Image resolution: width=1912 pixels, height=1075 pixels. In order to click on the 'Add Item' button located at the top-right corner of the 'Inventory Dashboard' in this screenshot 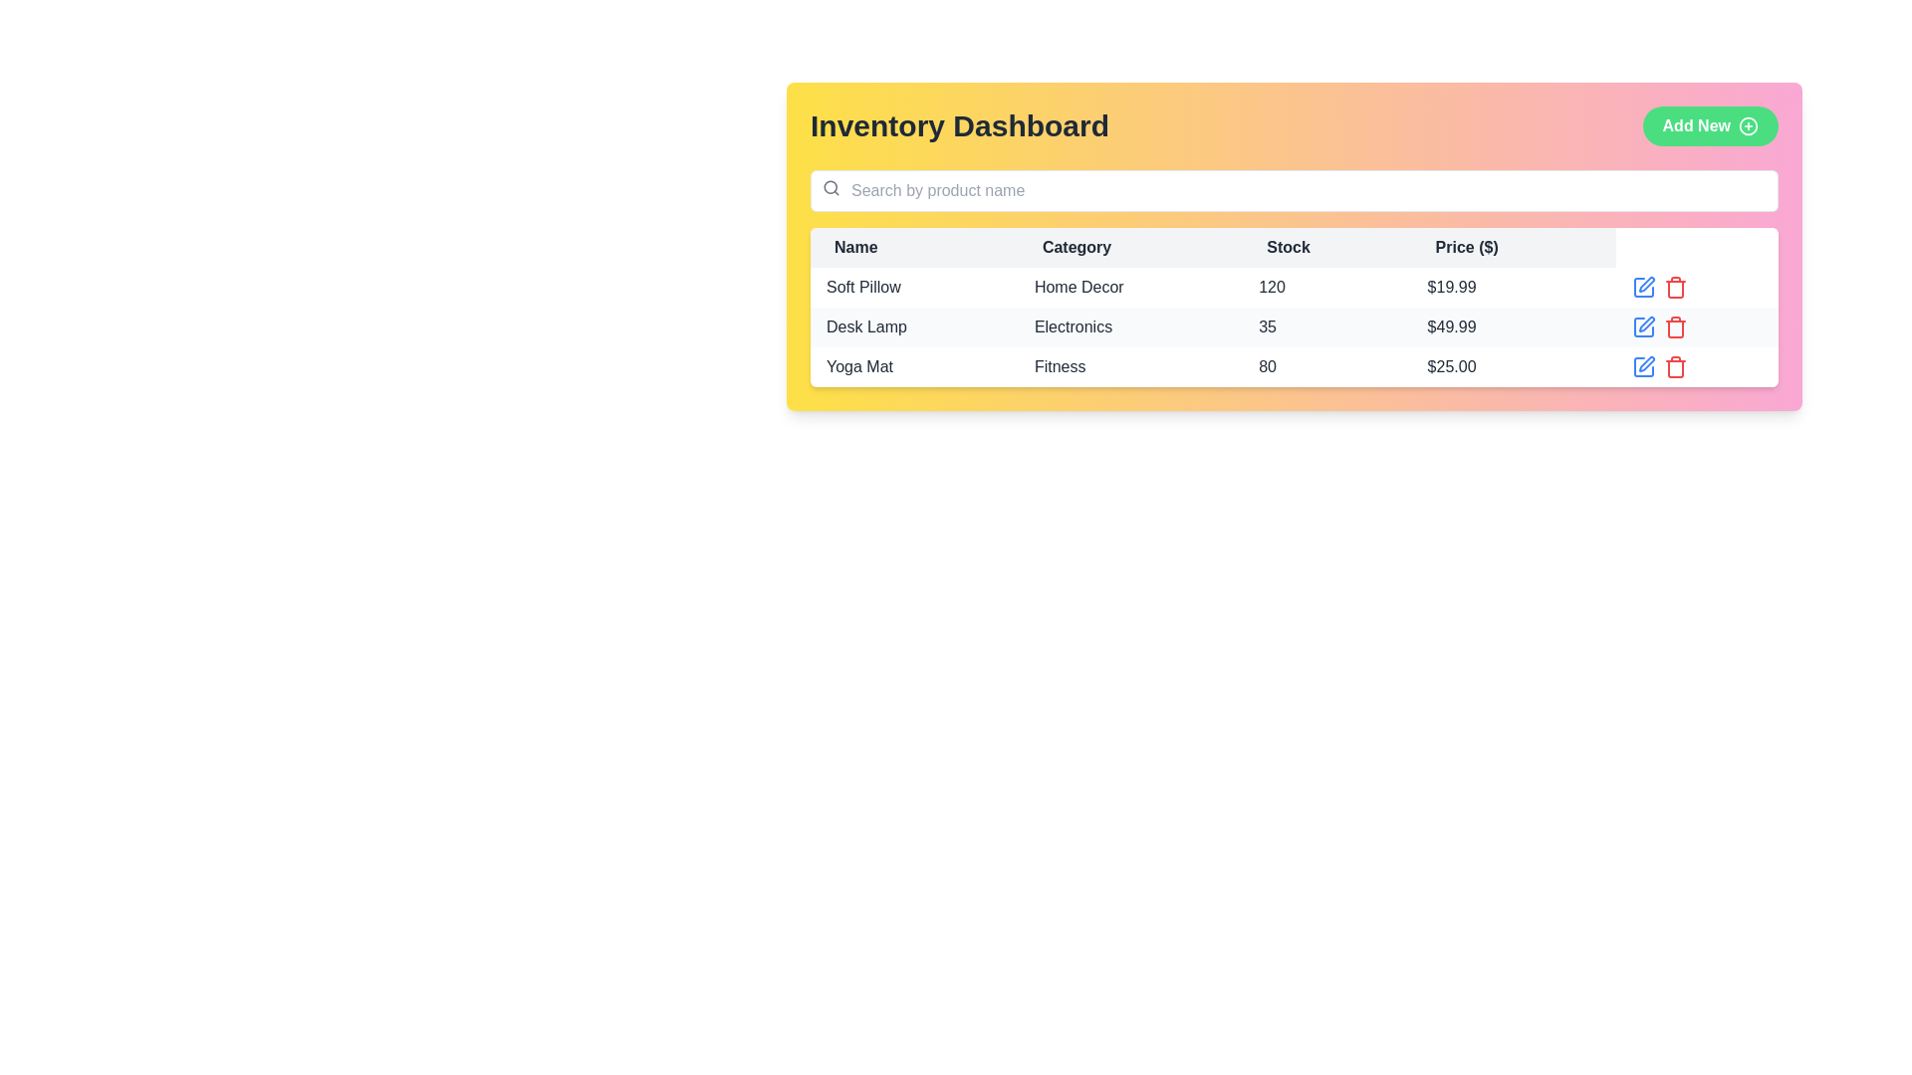, I will do `click(1709, 126)`.